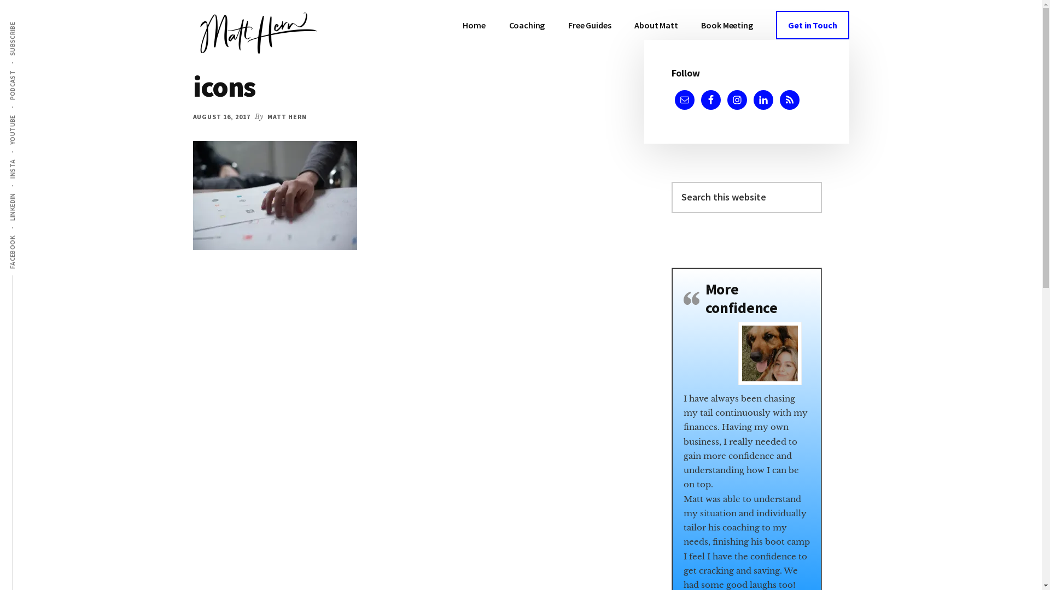  Describe the element at coordinates (527, 25) in the screenshot. I see `'Coaching'` at that location.